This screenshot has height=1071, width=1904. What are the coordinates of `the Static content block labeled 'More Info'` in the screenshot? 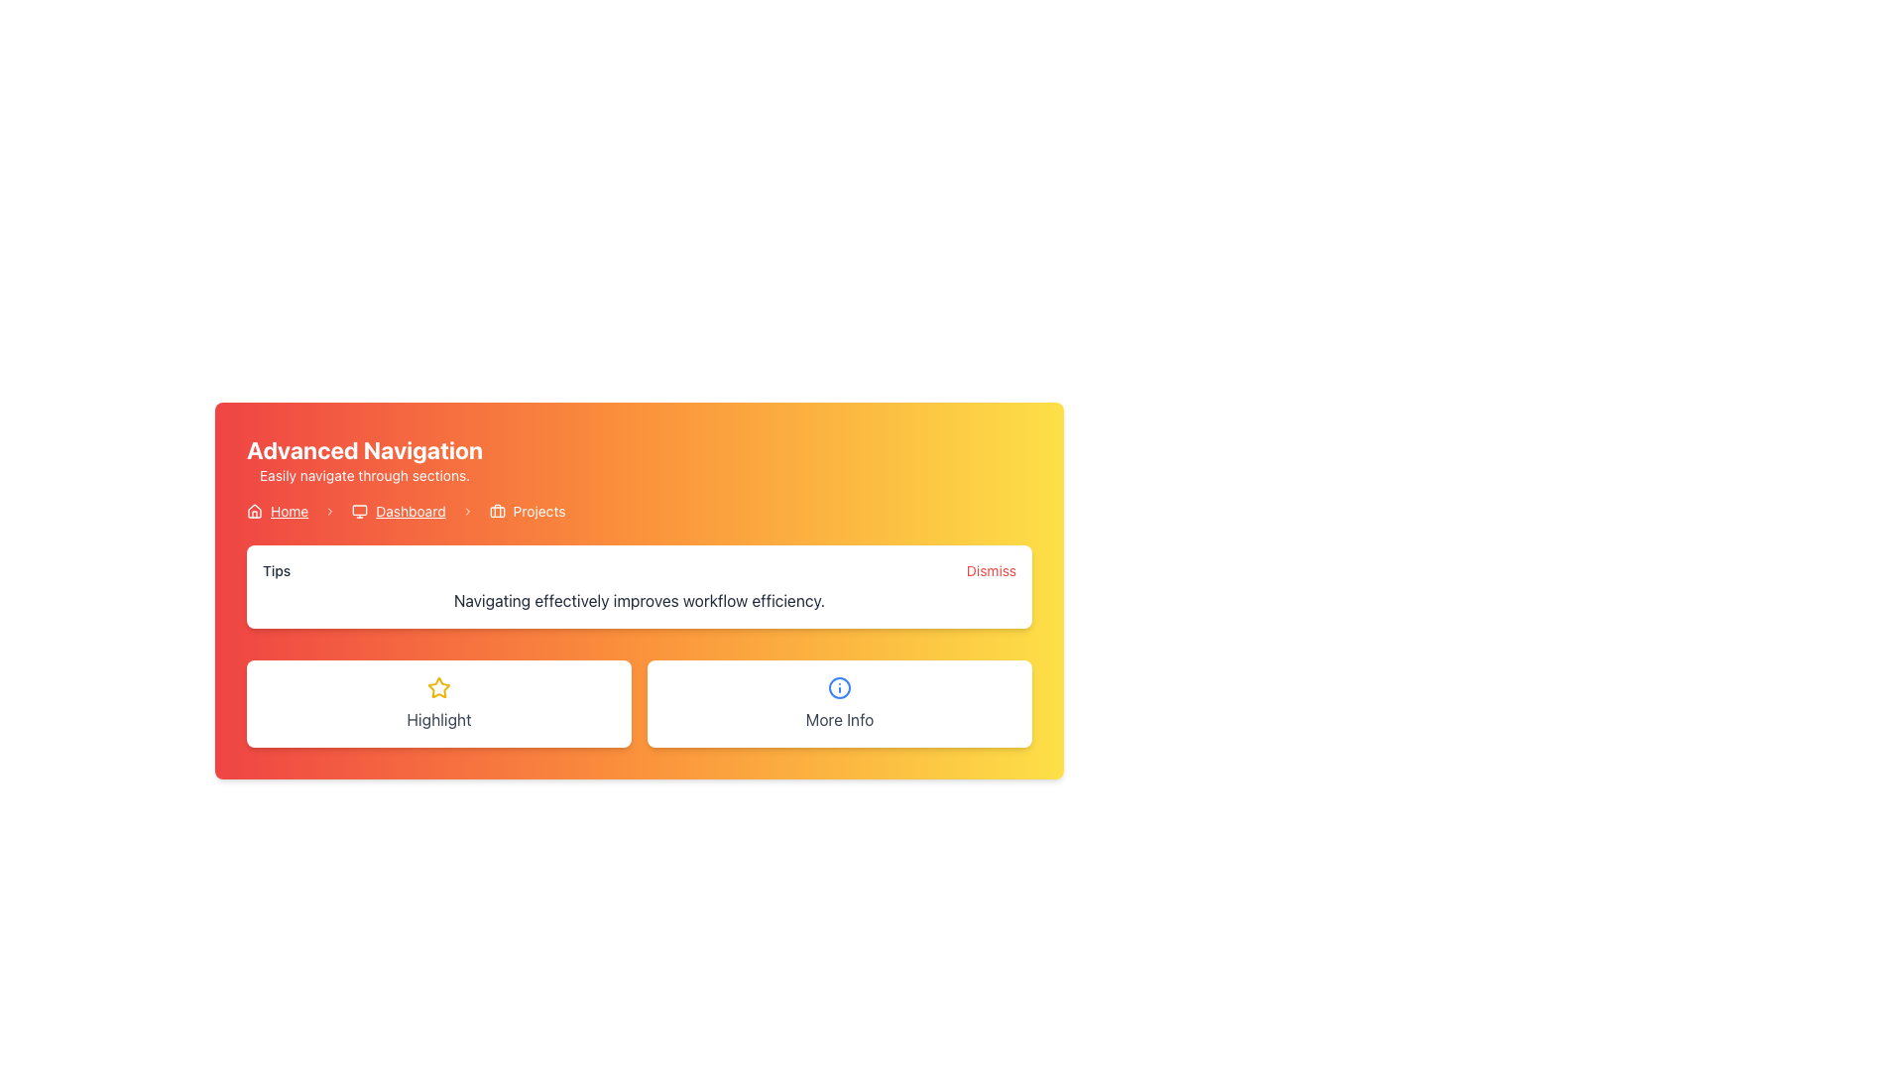 It's located at (839, 702).